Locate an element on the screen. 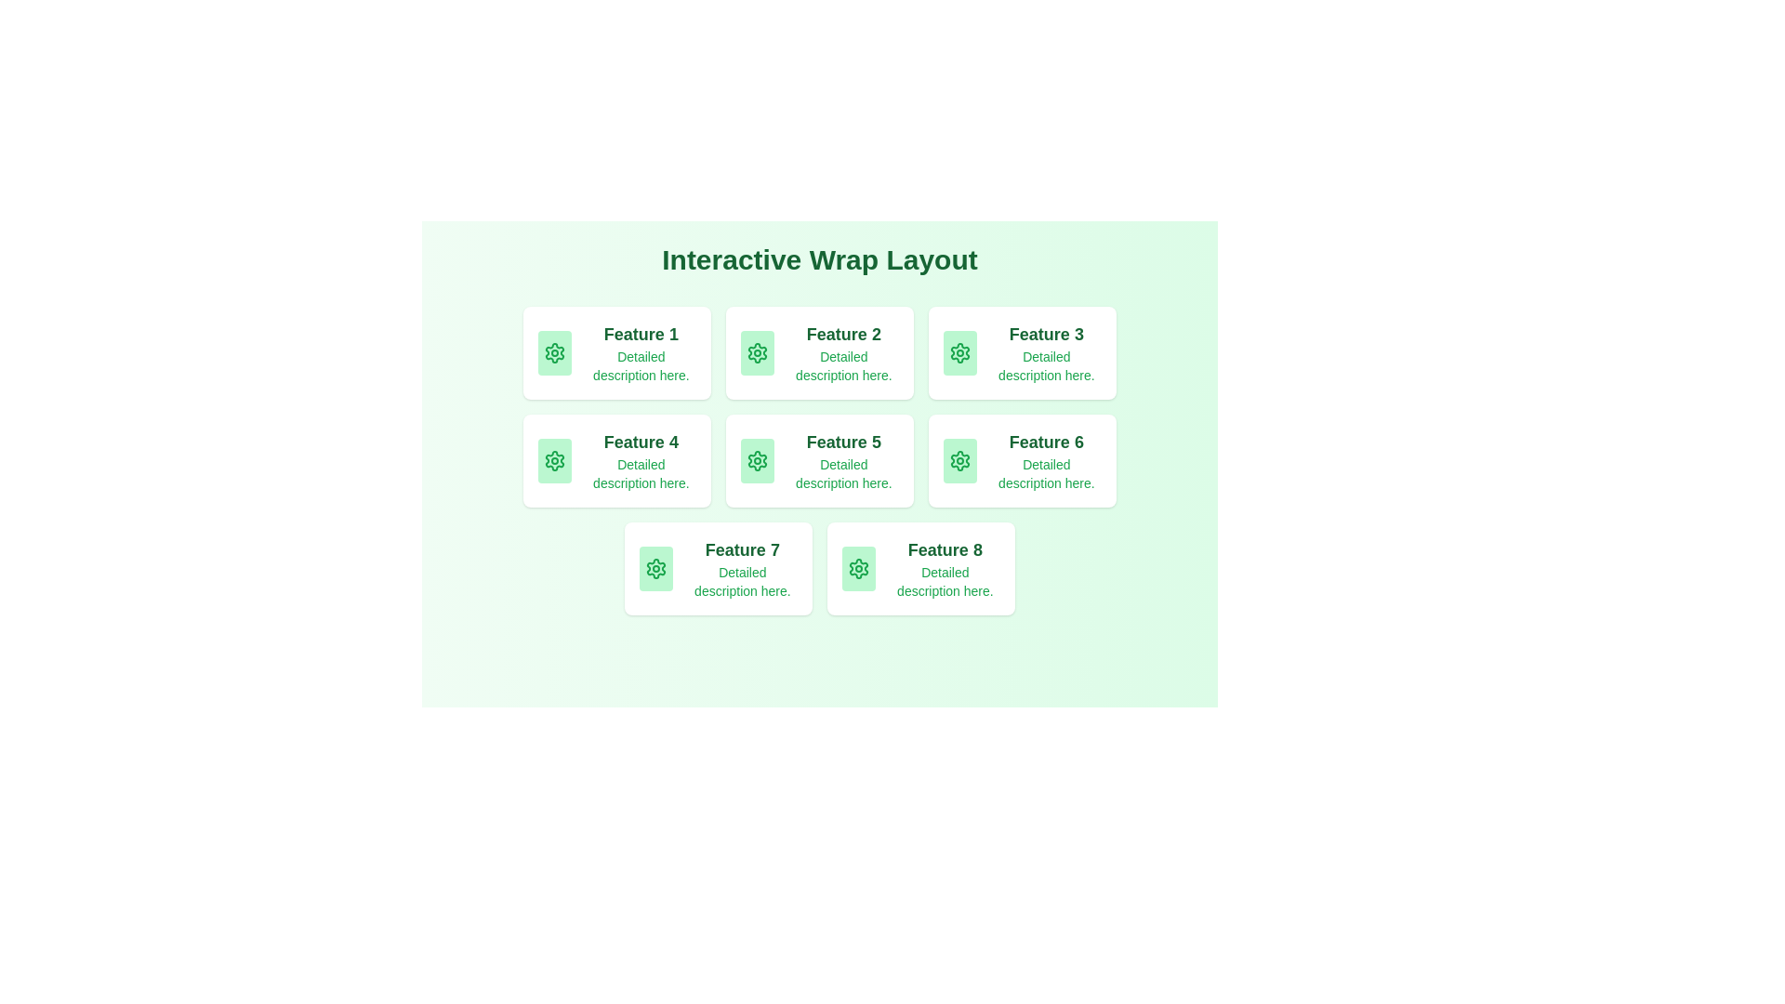 The height and width of the screenshot is (1004, 1785). the header text element located within the card labeled 'Feature 4 Detailed description here.', which is the first text element inside the card is located at coordinates (641, 442).